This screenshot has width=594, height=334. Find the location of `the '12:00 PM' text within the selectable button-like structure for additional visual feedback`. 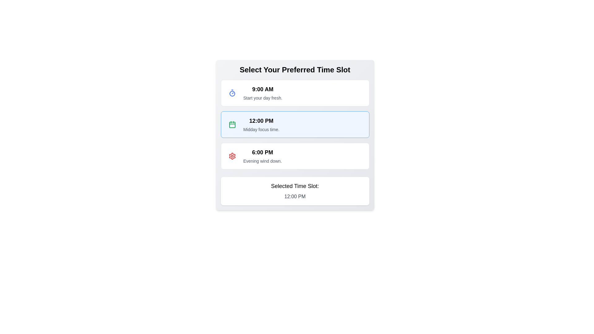

the '12:00 PM' text within the selectable button-like structure for additional visual feedback is located at coordinates (261, 124).